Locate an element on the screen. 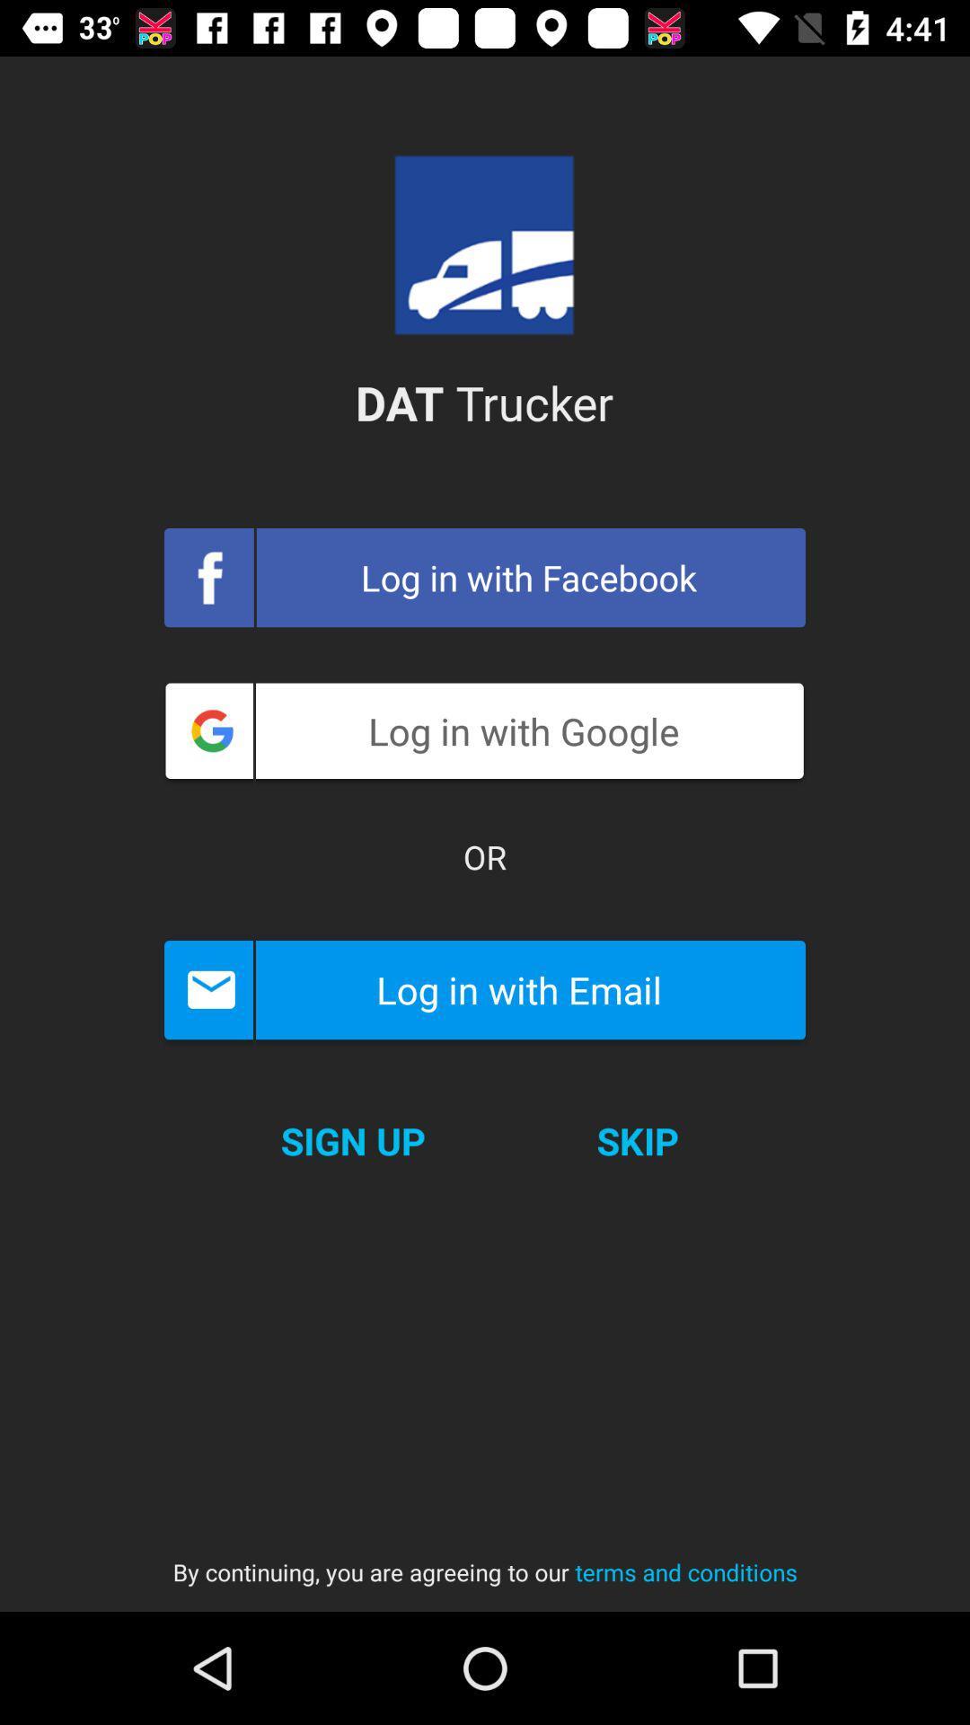 Image resolution: width=970 pixels, height=1725 pixels. the icon next to the sign up item is located at coordinates (637, 1140).